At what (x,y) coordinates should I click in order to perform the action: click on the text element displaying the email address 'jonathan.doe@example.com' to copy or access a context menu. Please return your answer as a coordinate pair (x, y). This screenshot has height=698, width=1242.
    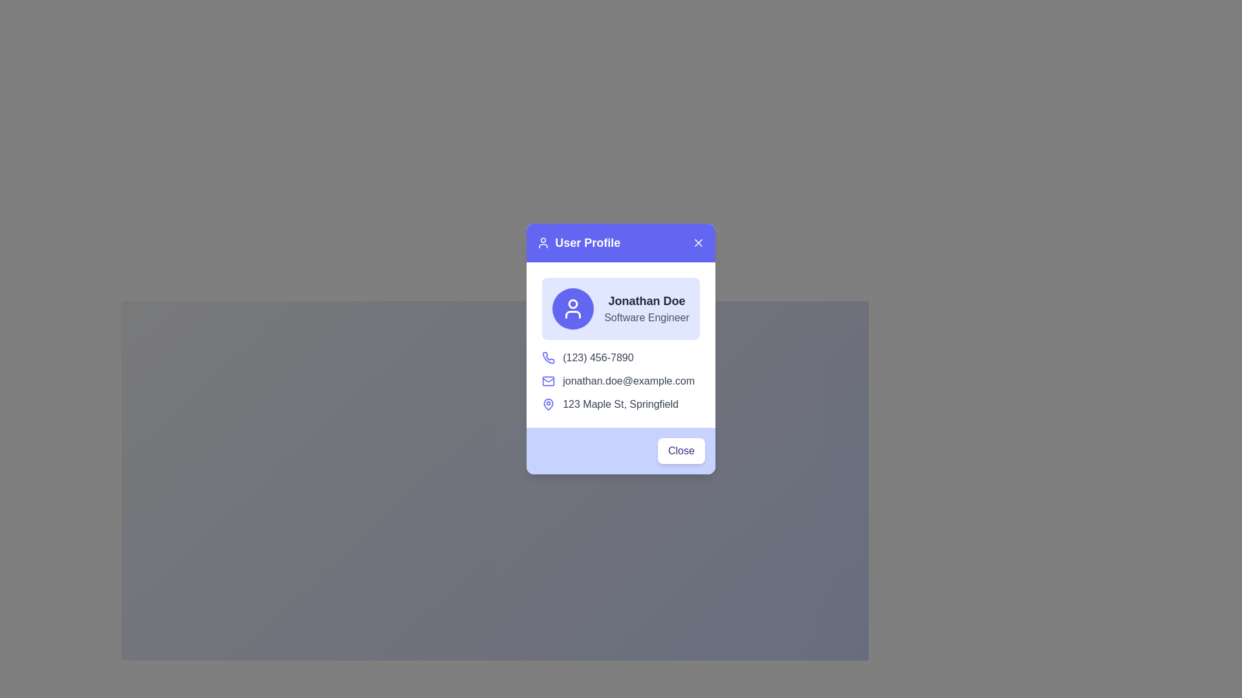
    Looking at the image, I should click on (628, 381).